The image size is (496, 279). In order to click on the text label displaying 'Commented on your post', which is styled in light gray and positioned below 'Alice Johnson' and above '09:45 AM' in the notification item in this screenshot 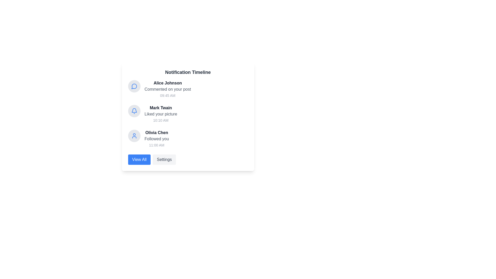, I will do `click(168, 89)`.